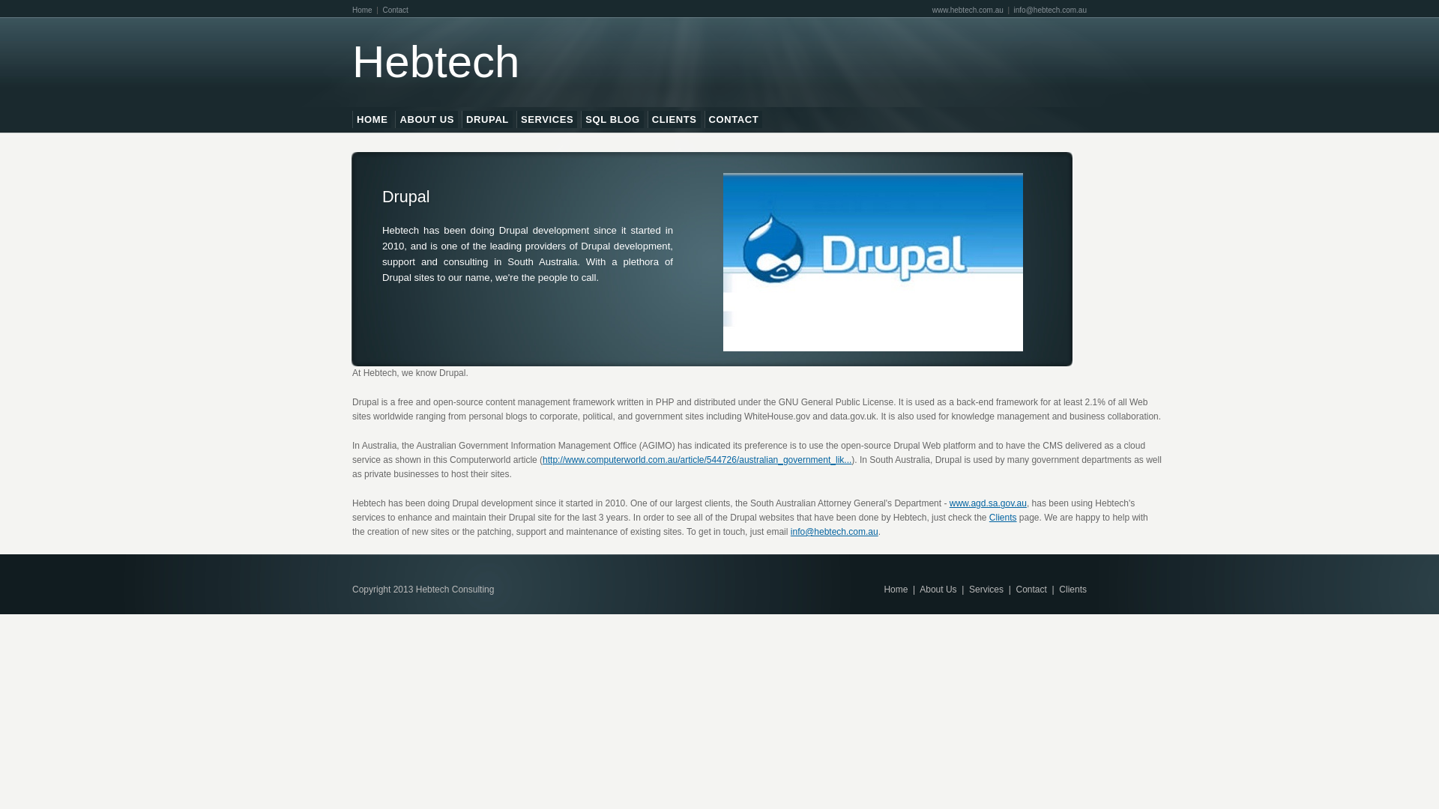  I want to click on 'CLIENTS', so click(674, 118).